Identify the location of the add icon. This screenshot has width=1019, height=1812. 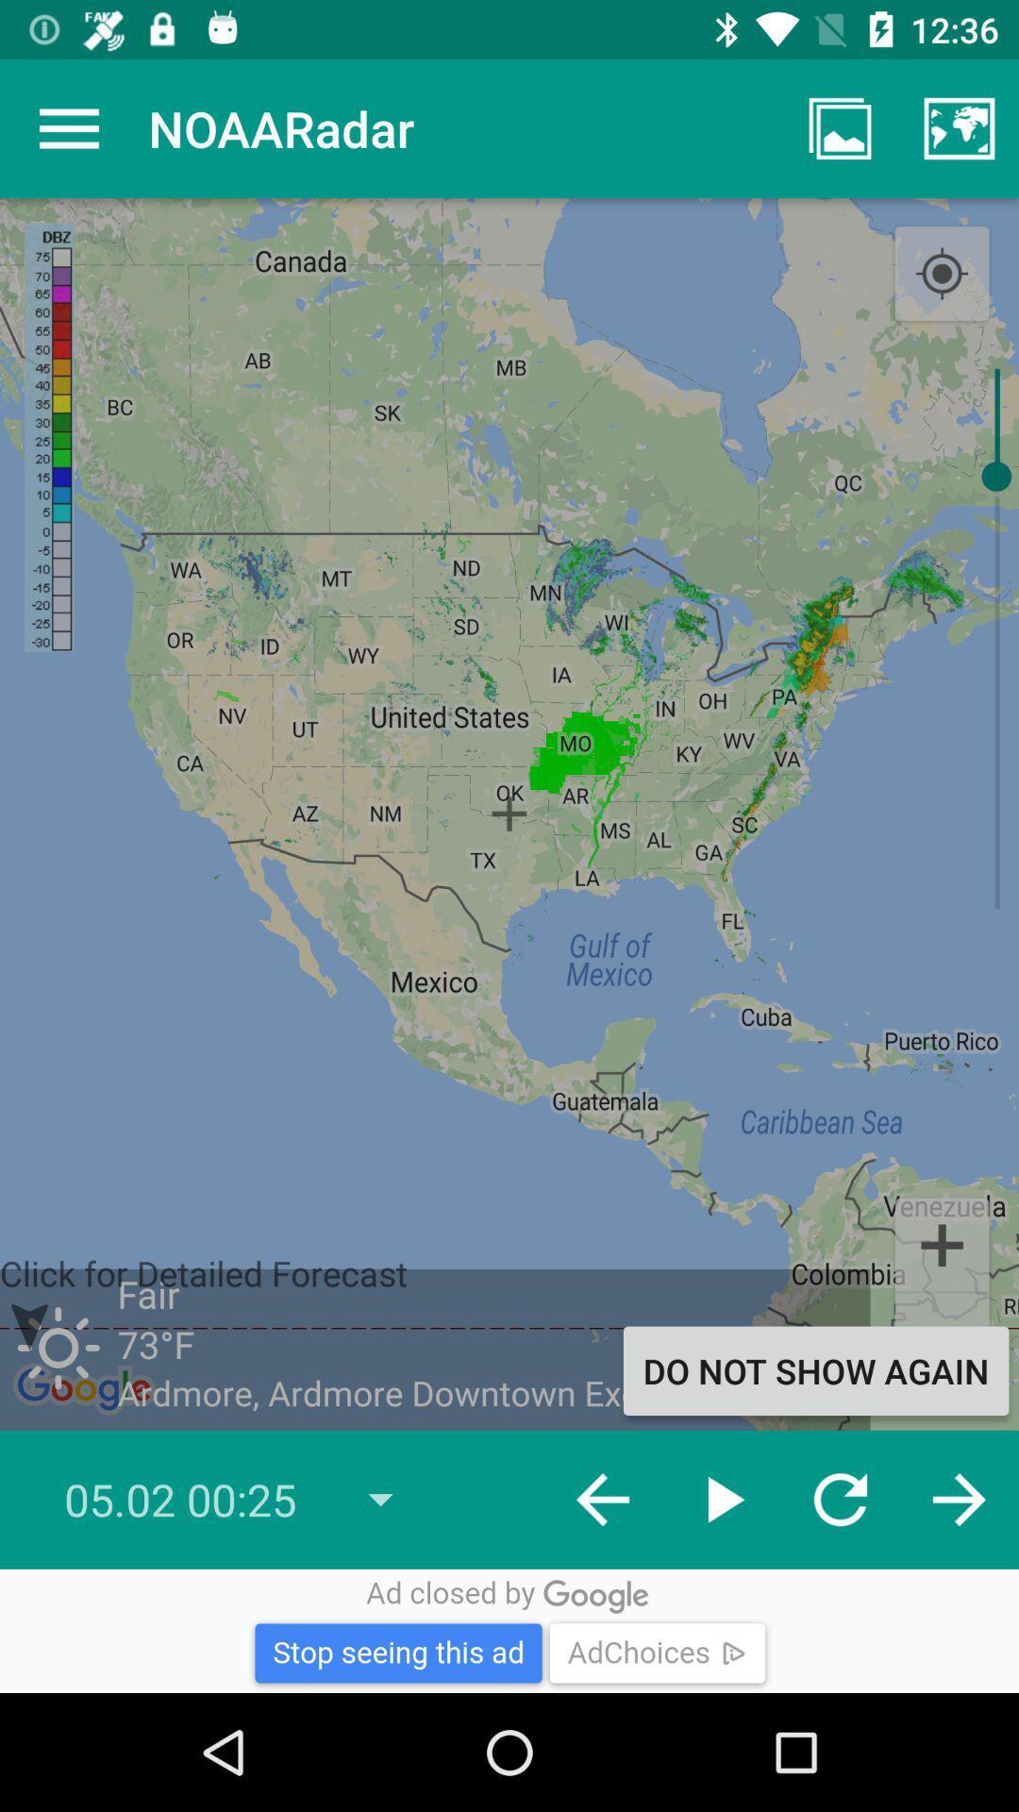
(942, 1243).